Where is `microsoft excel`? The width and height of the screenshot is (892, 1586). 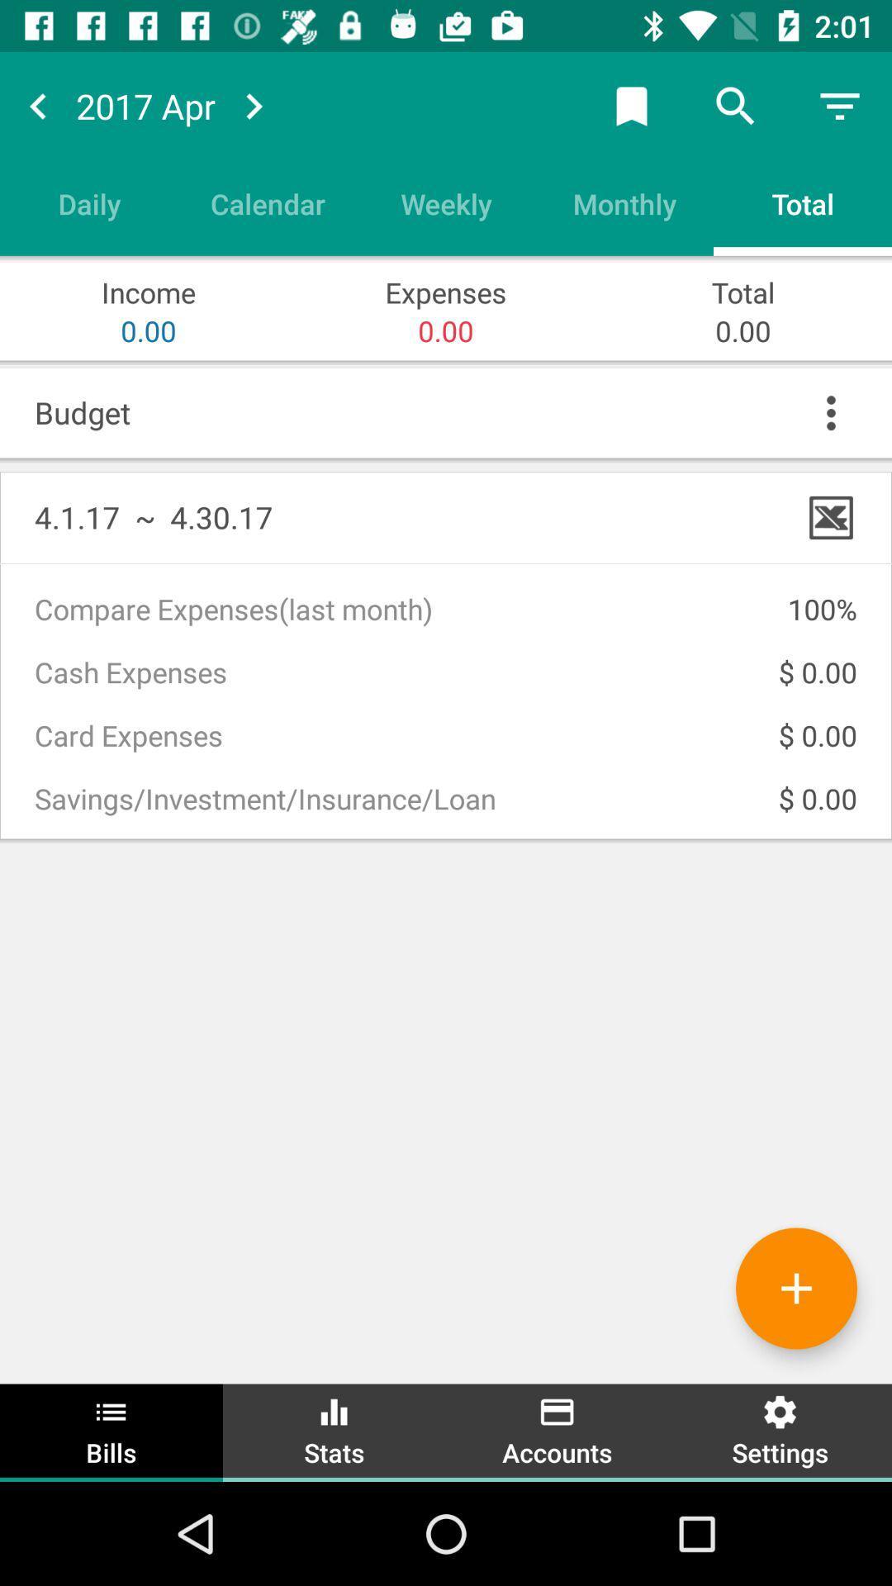 microsoft excel is located at coordinates (831, 516).